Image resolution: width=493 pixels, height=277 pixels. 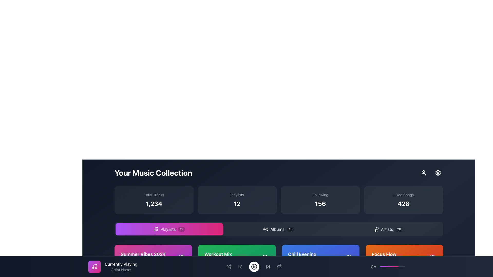 What do you see at coordinates (143, 257) in the screenshot?
I see `the 'Summer Vibes 2024' label and text component within the purple rectangle` at bounding box center [143, 257].